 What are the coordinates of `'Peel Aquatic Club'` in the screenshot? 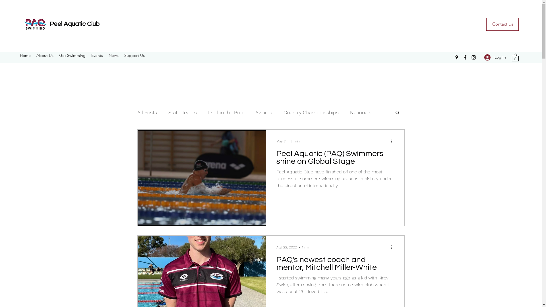 It's located at (74, 24).